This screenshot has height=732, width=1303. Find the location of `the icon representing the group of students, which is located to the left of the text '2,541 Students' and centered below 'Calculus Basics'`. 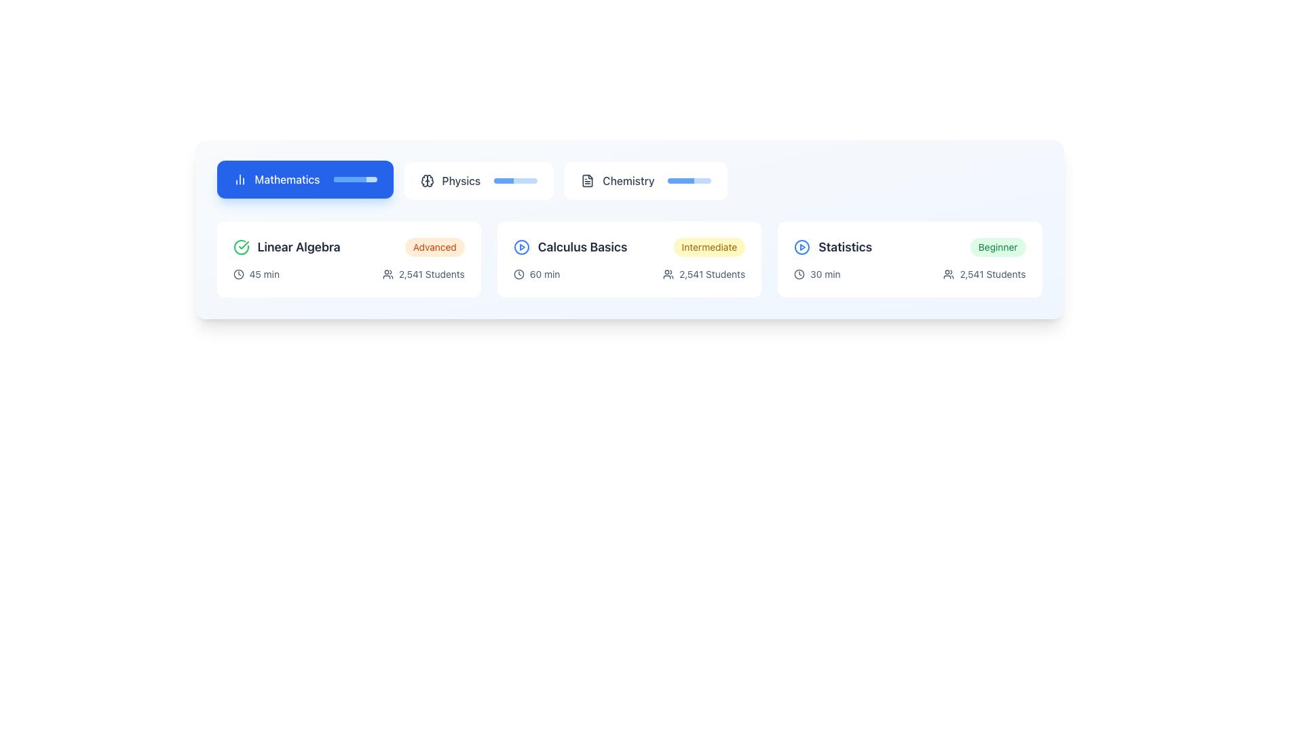

the icon representing the group of students, which is located to the left of the text '2,541 Students' and centered below 'Calculus Basics' is located at coordinates (668, 274).